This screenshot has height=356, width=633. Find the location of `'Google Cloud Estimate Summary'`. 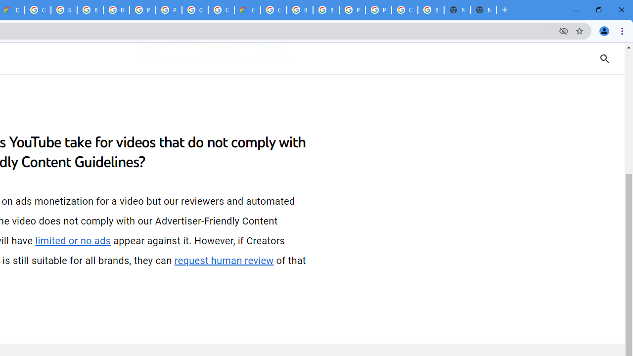

'Google Cloud Estimate Summary' is located at coordinates (247, 10).